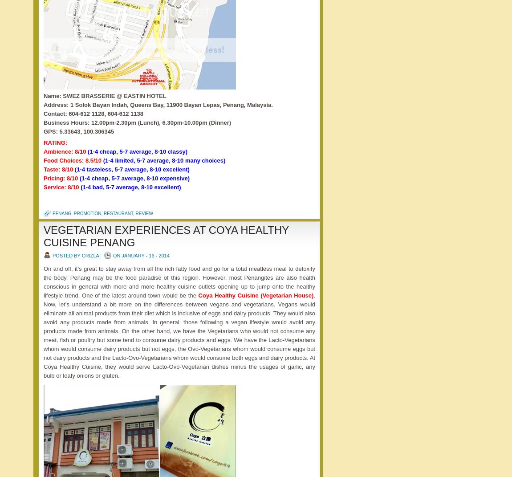 Image resolution: width=512 pixels, height=477 pixels. Describe the element at coordinates (61, 187) in the screenshot. I see `'Service: 8/10'` at that location.